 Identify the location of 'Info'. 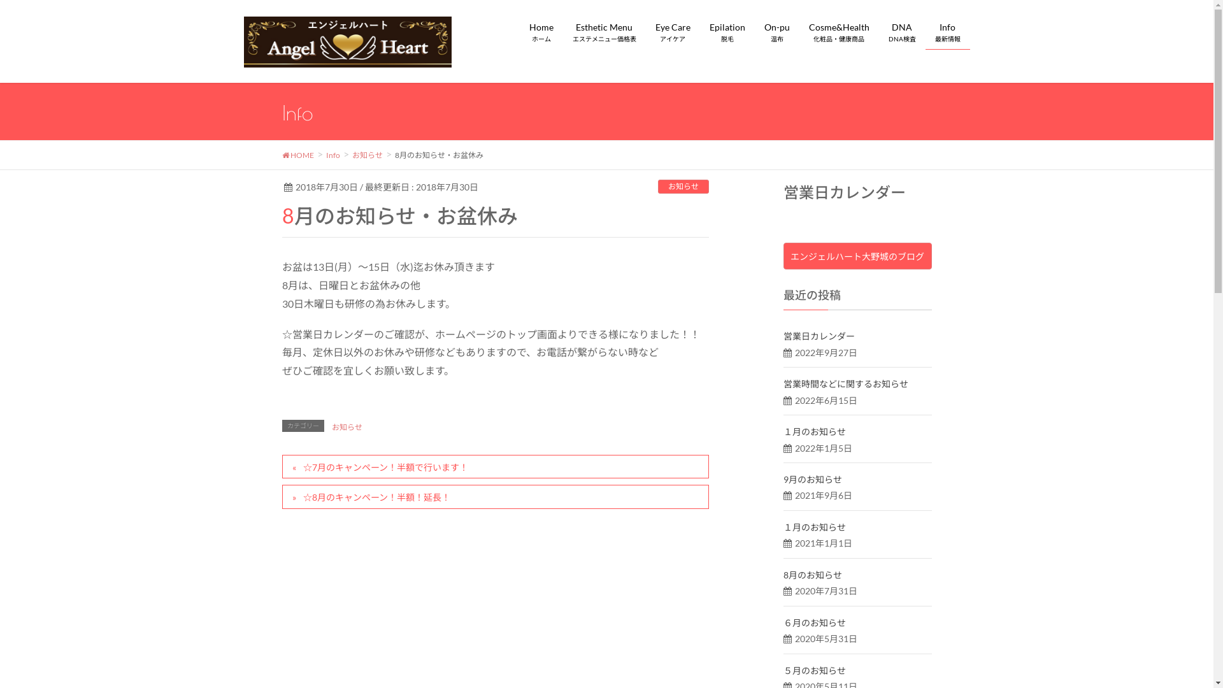
(333, 153).